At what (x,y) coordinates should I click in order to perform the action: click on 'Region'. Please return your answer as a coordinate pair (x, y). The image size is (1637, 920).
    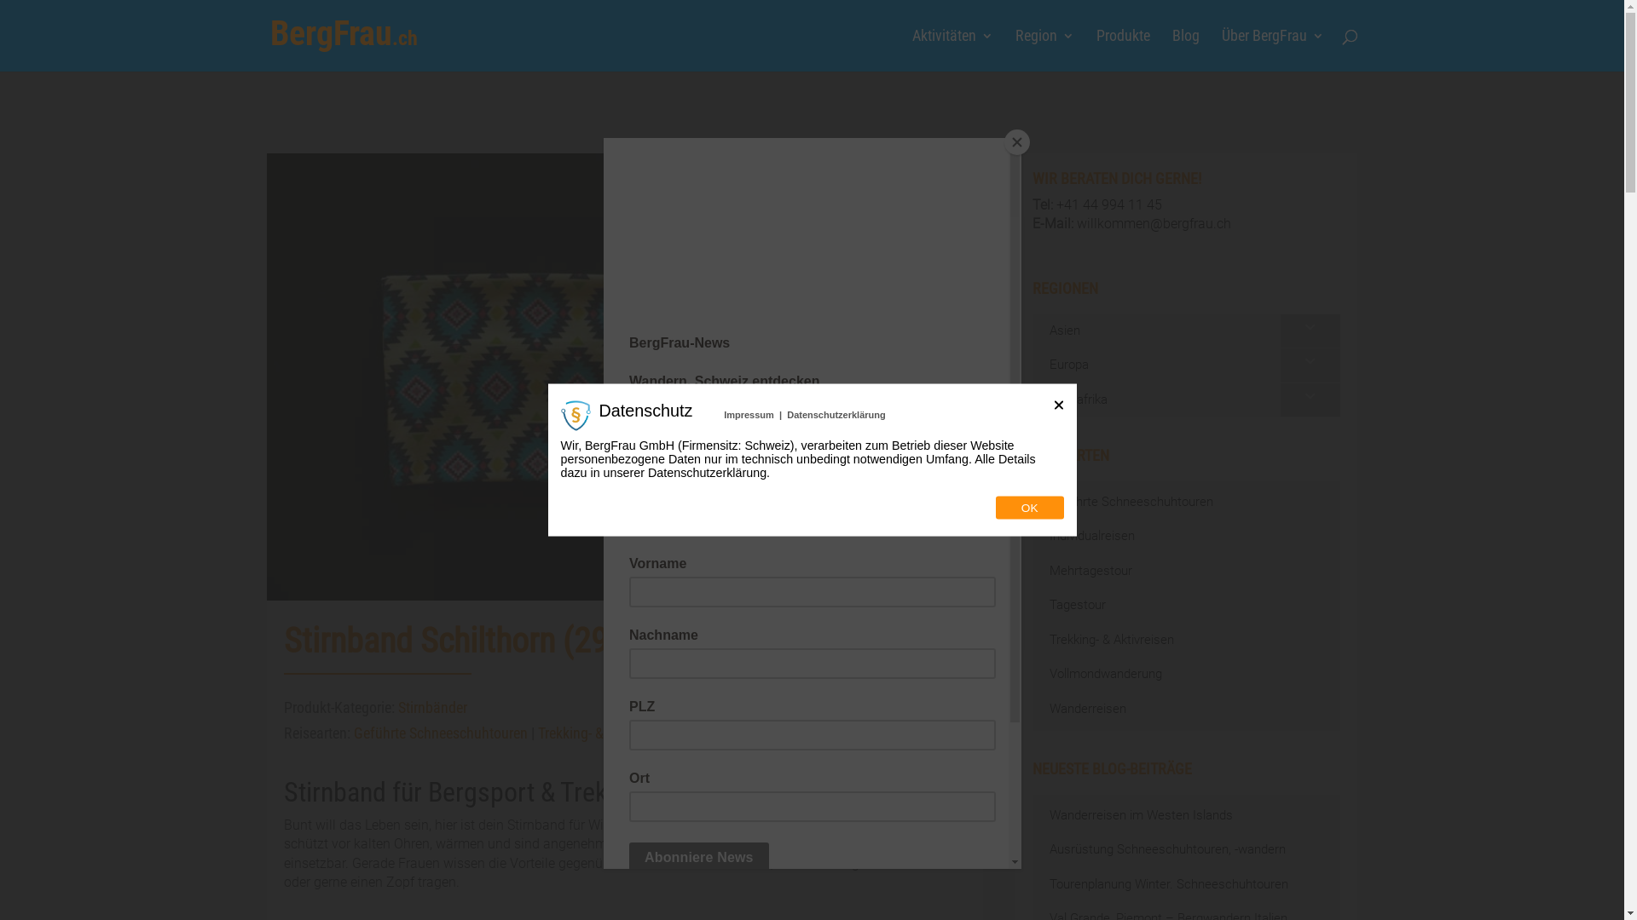
    Looking at the image, I should click on (1043, 49).